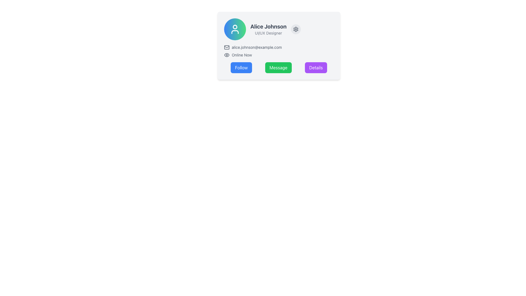 The width and height of the screenshot is (526, 296). What do you see at coordinates (296, 29) in the screenshot?
I see `the gear/settings icon located at the top-right corner of the user profile card, which is part of a circular button with a gray gear icon` at bounding box center [296, 29].